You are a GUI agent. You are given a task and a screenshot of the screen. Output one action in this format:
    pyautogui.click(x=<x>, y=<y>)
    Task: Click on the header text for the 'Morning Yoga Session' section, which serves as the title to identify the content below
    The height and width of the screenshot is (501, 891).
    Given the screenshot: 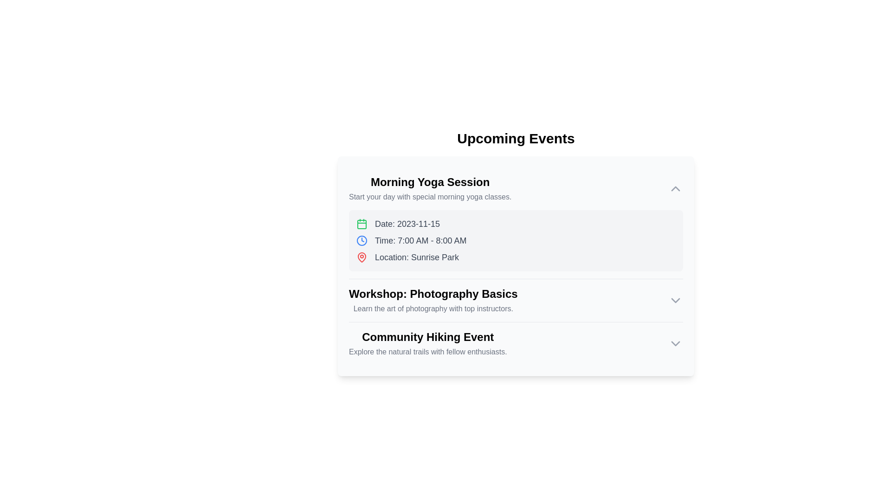 What is the action you would take?
    pyautogui.click(x=430, y=182)
    